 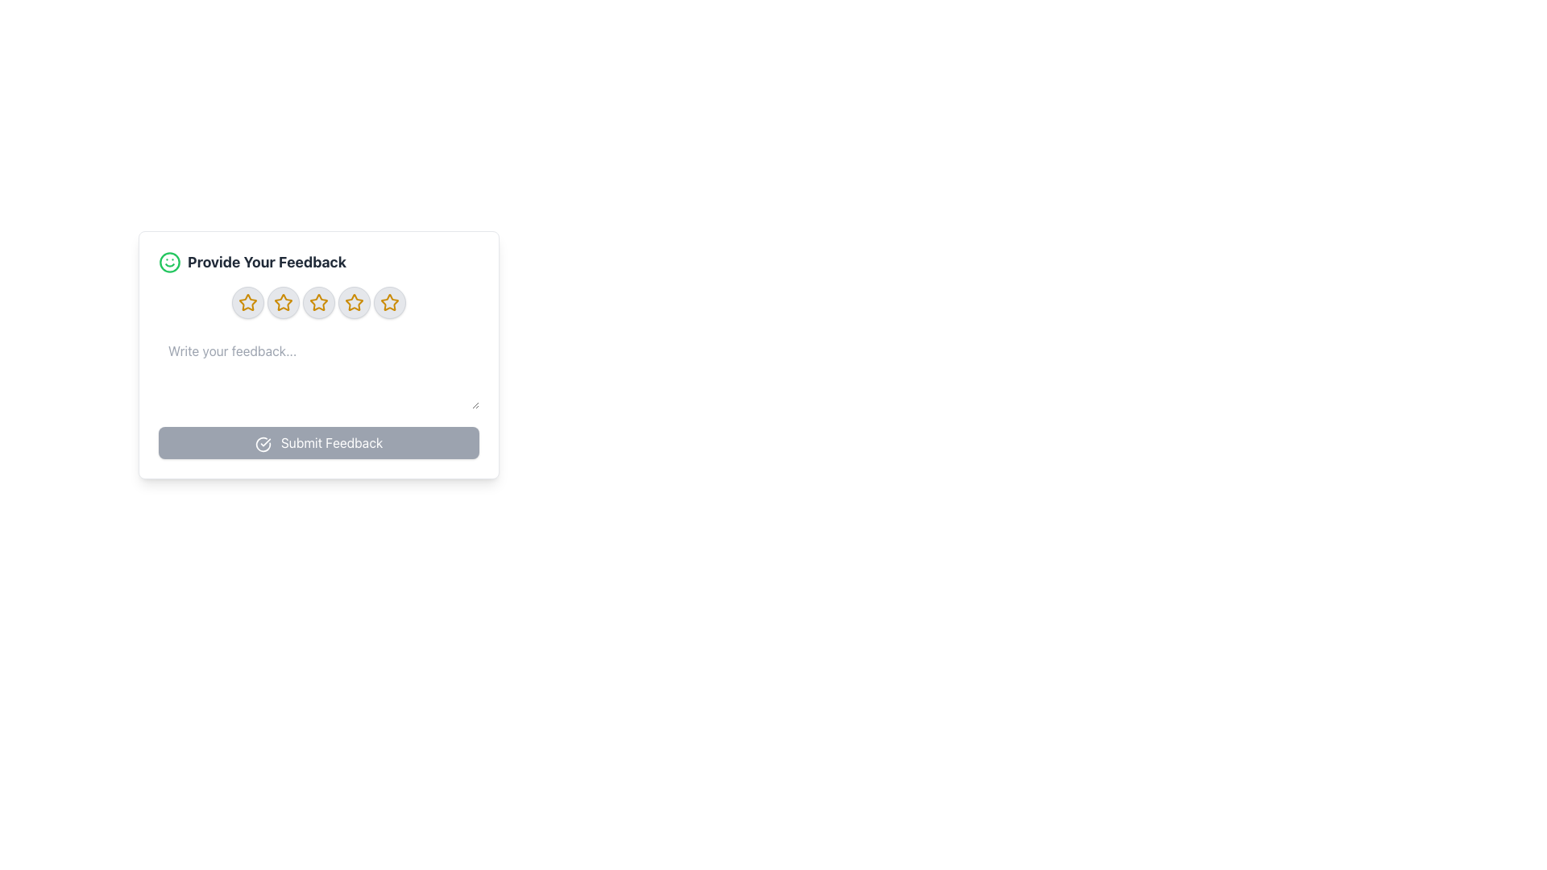 I want to click on the first star in the rating mechanism, so click(x=247, y=302).